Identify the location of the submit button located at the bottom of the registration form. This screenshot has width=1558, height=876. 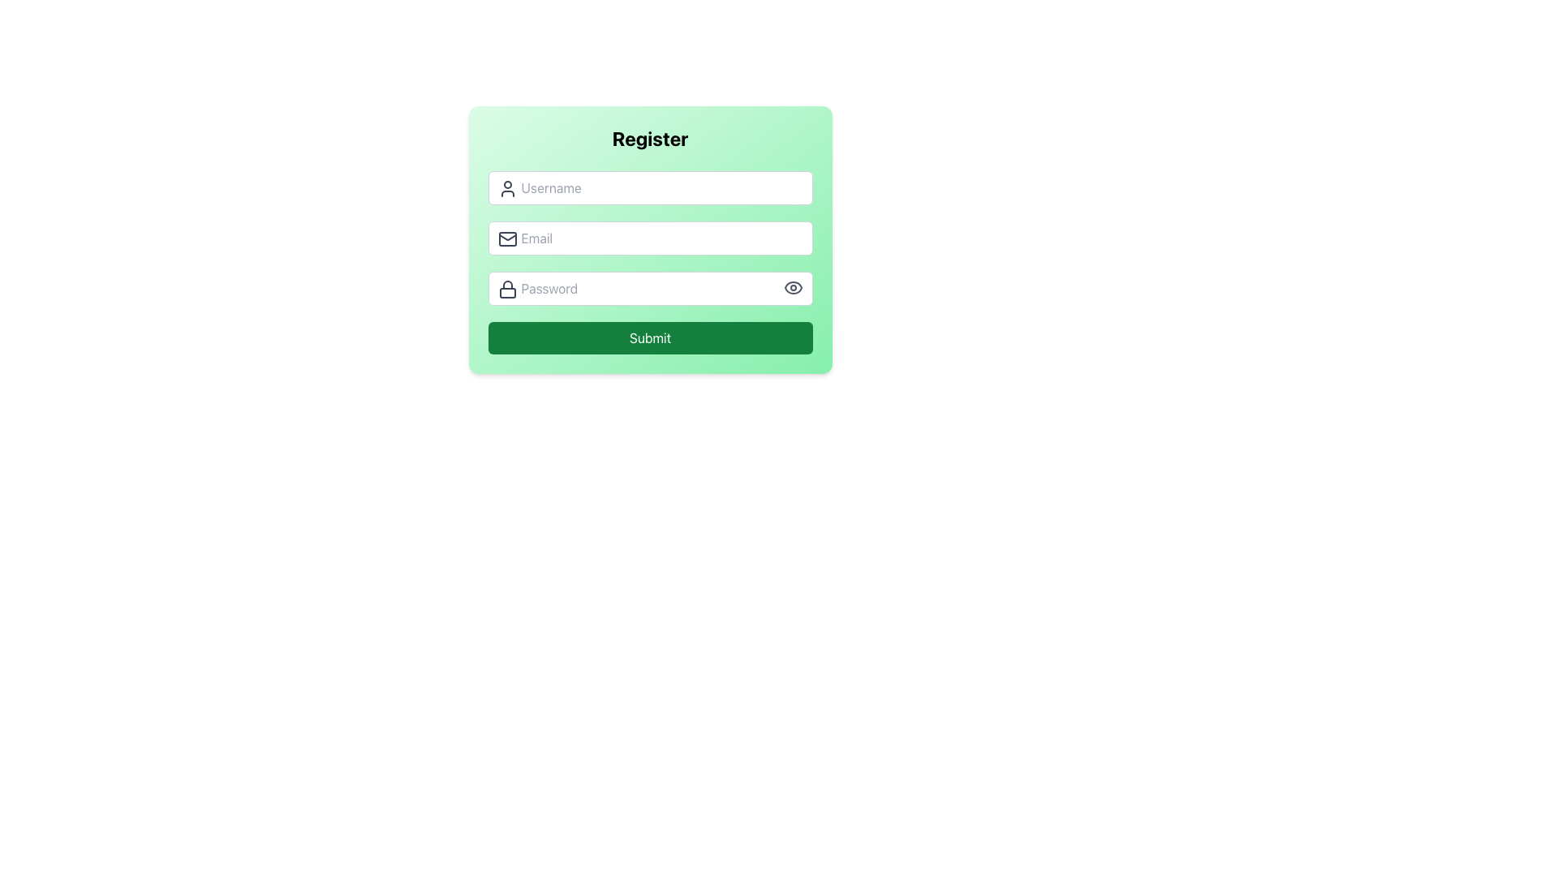
(650, 337).